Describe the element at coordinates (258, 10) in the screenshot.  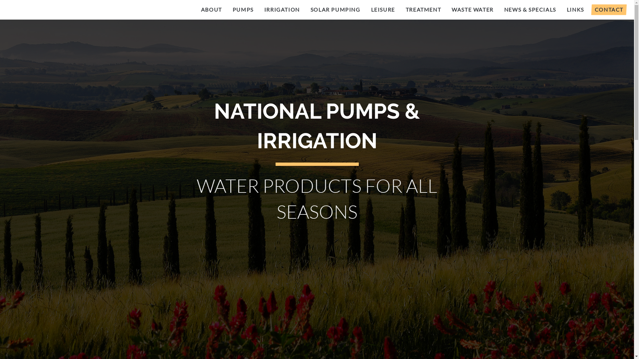
I see `'IRRIGATION'` at that location.